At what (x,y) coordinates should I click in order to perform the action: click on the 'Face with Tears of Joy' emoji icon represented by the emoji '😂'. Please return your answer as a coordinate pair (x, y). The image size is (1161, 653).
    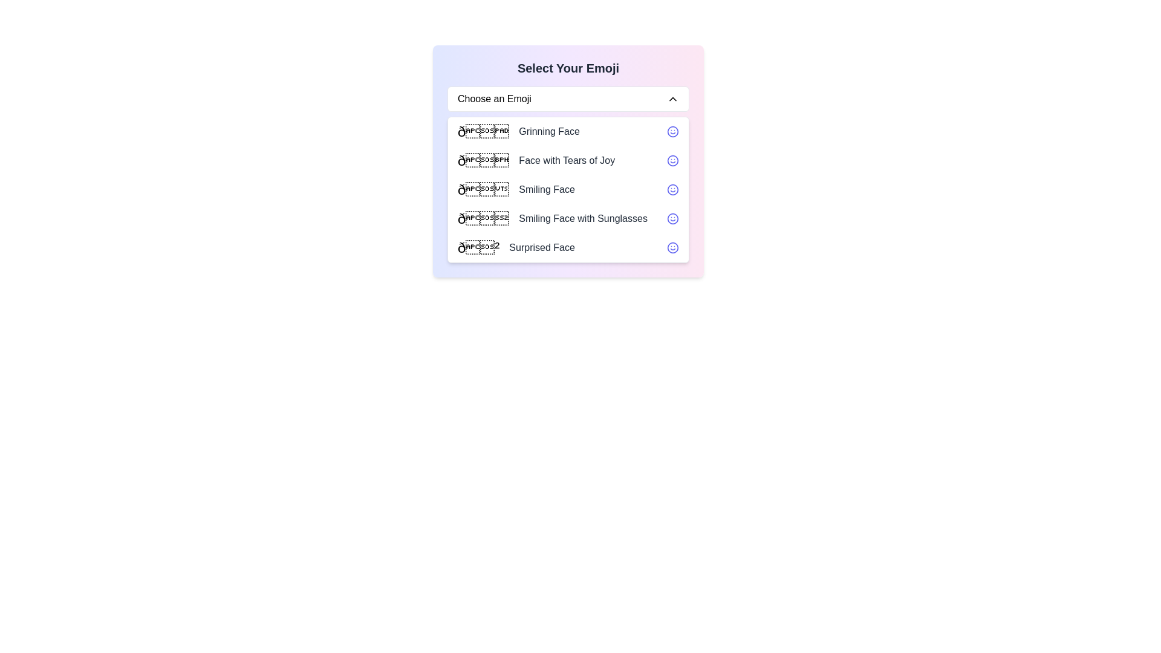
    Looking at the image, I should click on (483, 160).